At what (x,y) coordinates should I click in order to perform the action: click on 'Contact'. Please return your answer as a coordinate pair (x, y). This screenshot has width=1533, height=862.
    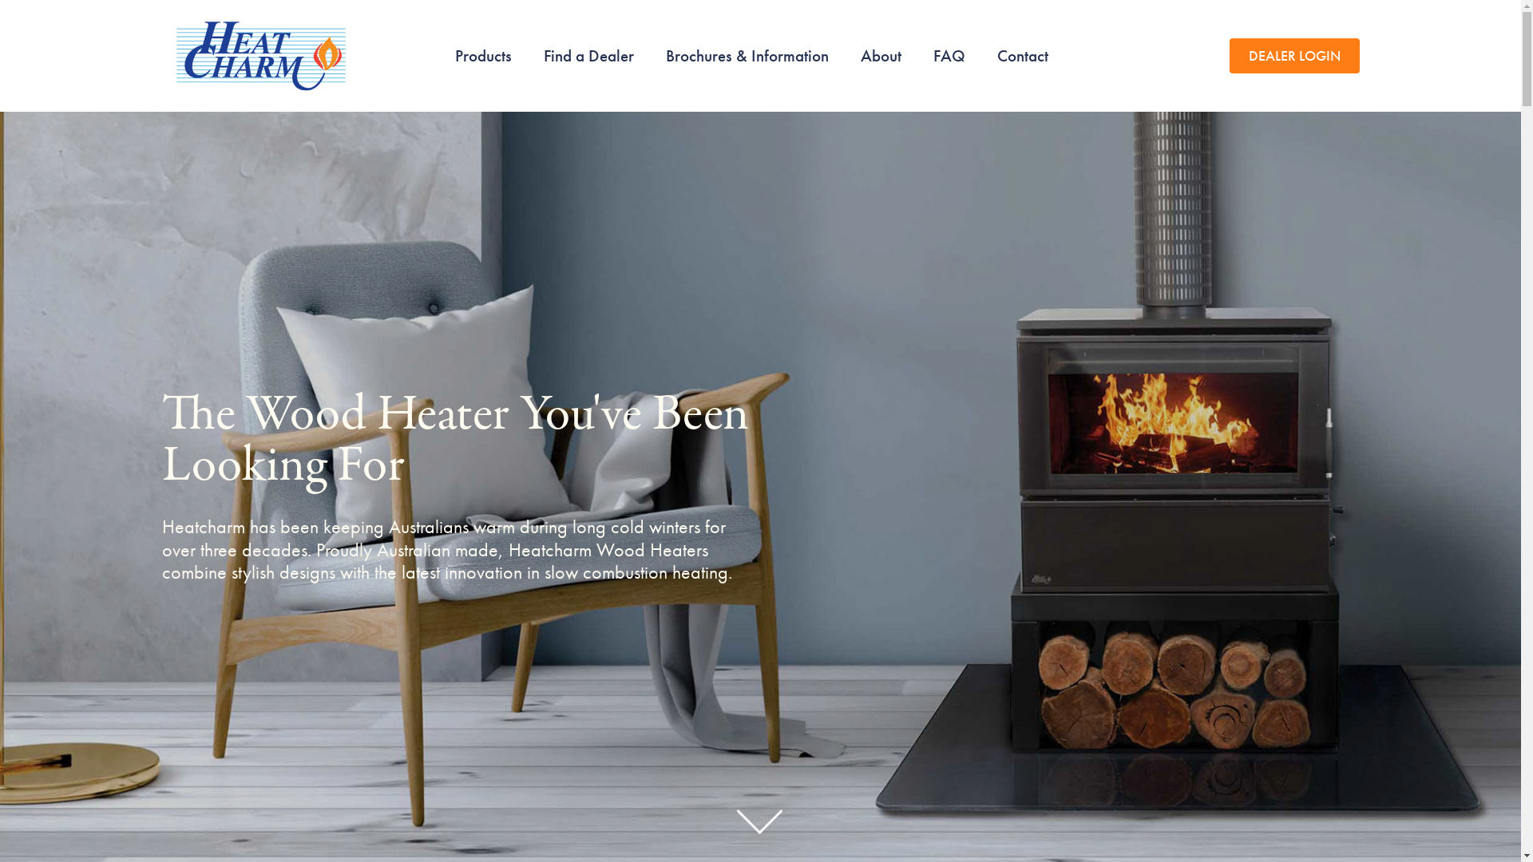
    Looking at the image, I should click on (1022, 54).